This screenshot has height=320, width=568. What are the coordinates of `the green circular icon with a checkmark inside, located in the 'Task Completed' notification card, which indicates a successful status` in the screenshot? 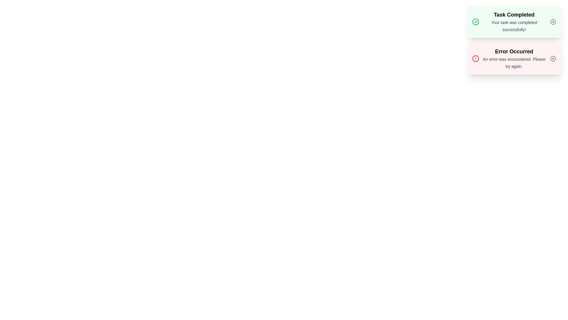 It's located at (476, 21).